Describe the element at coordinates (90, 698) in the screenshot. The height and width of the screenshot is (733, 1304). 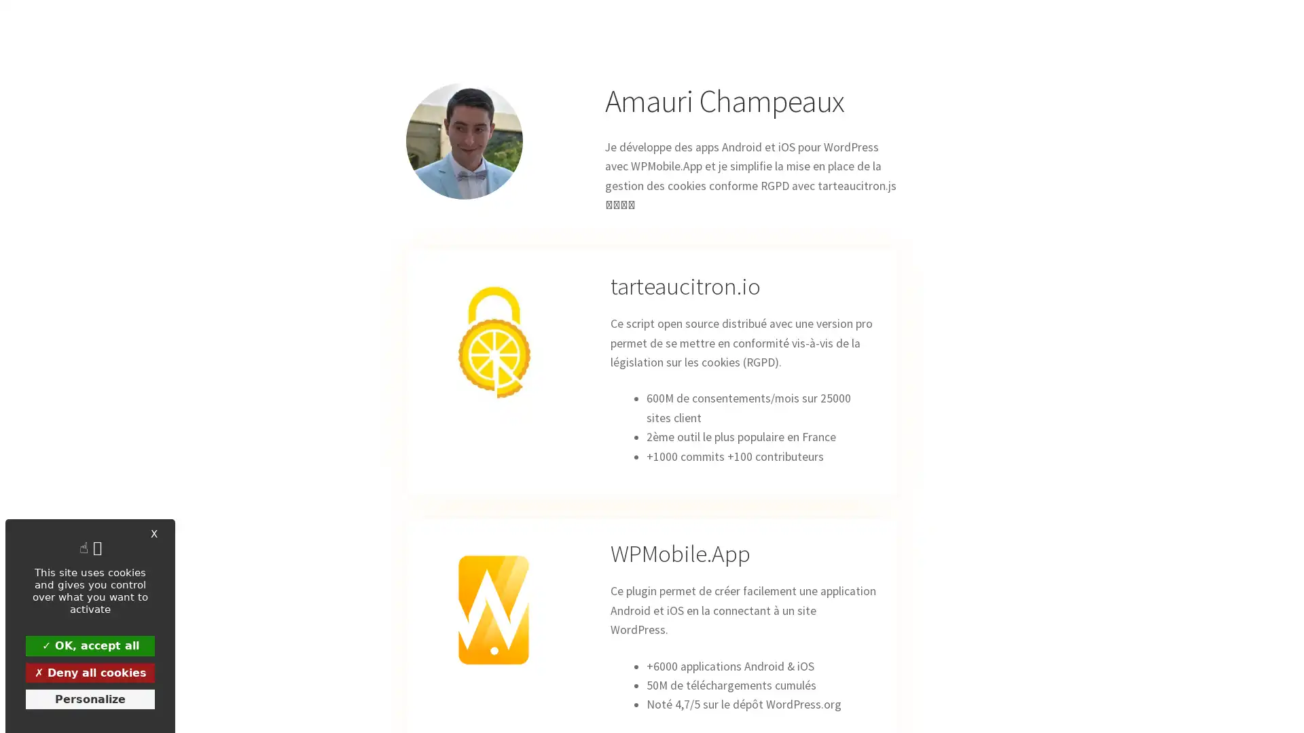
I see `Personalize (modal window)` at that location.